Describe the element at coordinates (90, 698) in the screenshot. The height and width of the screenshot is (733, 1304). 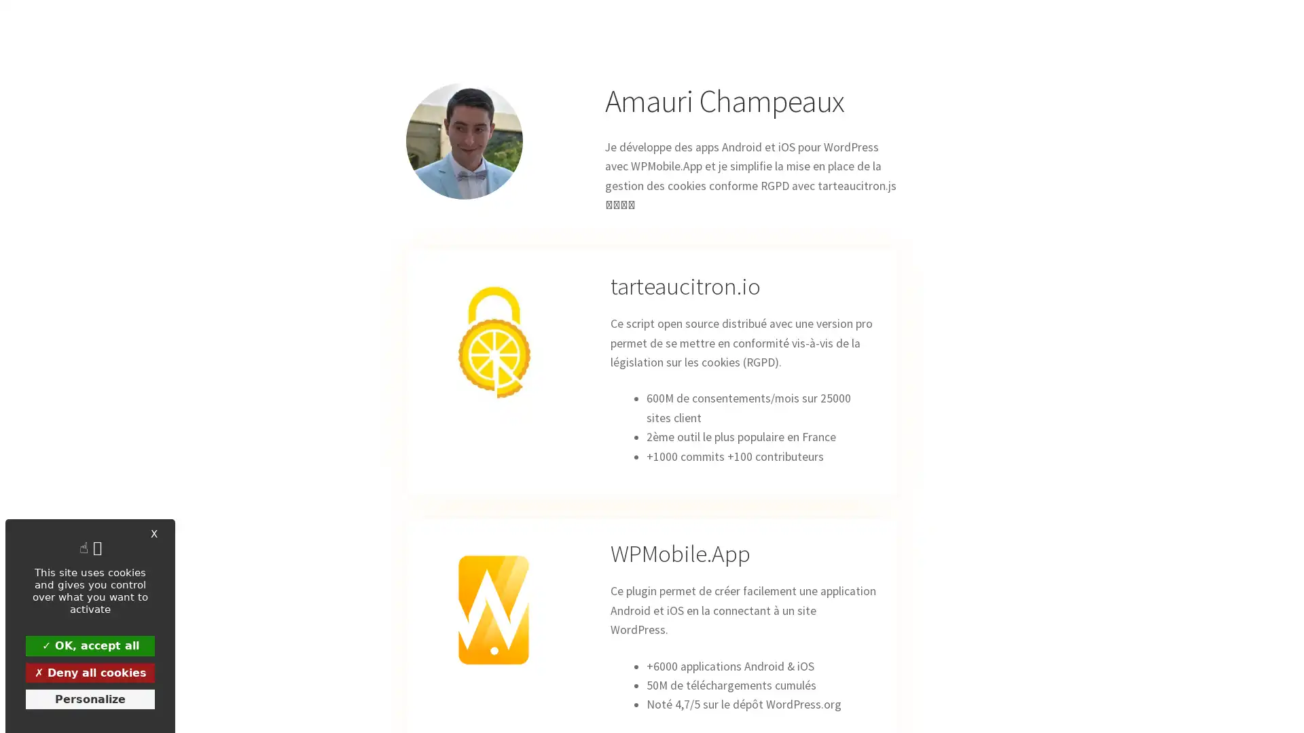
I see `Personalize (modal window)` at that location.